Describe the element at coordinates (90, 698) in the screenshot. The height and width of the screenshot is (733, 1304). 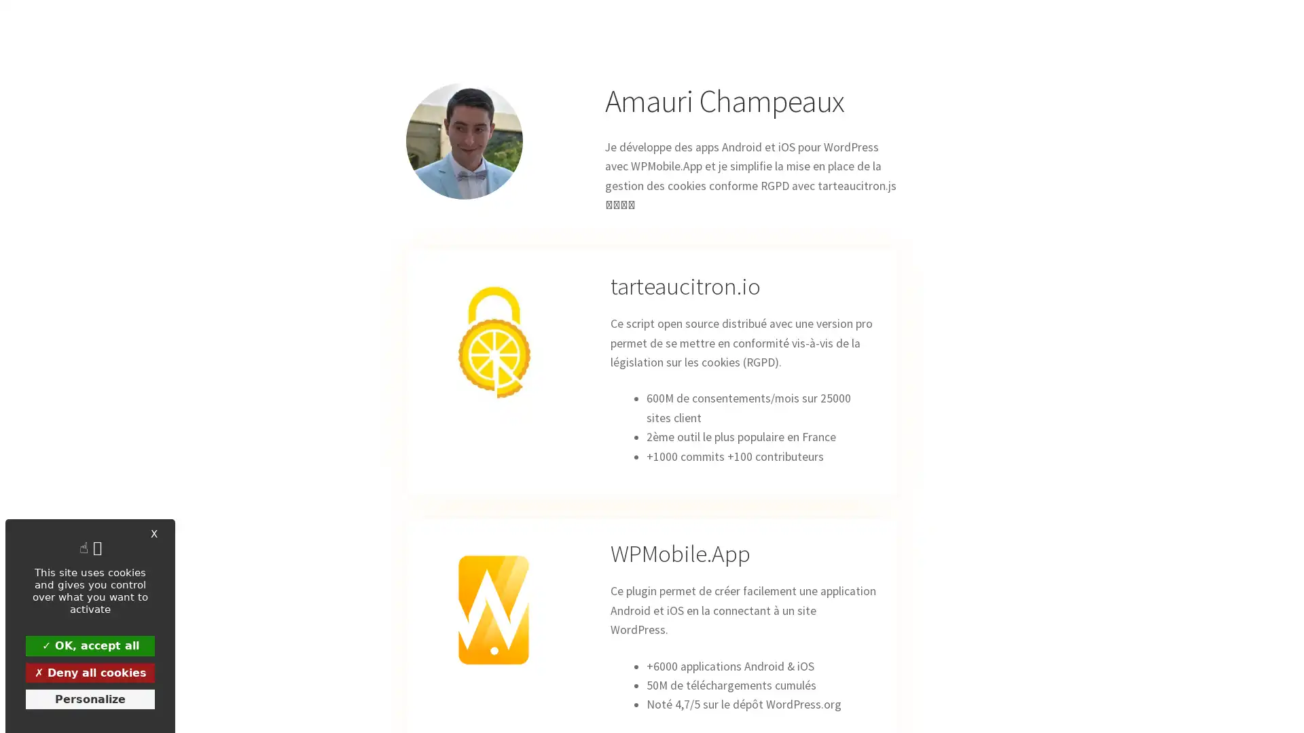
I see `Personalize (modal window)` at that location.